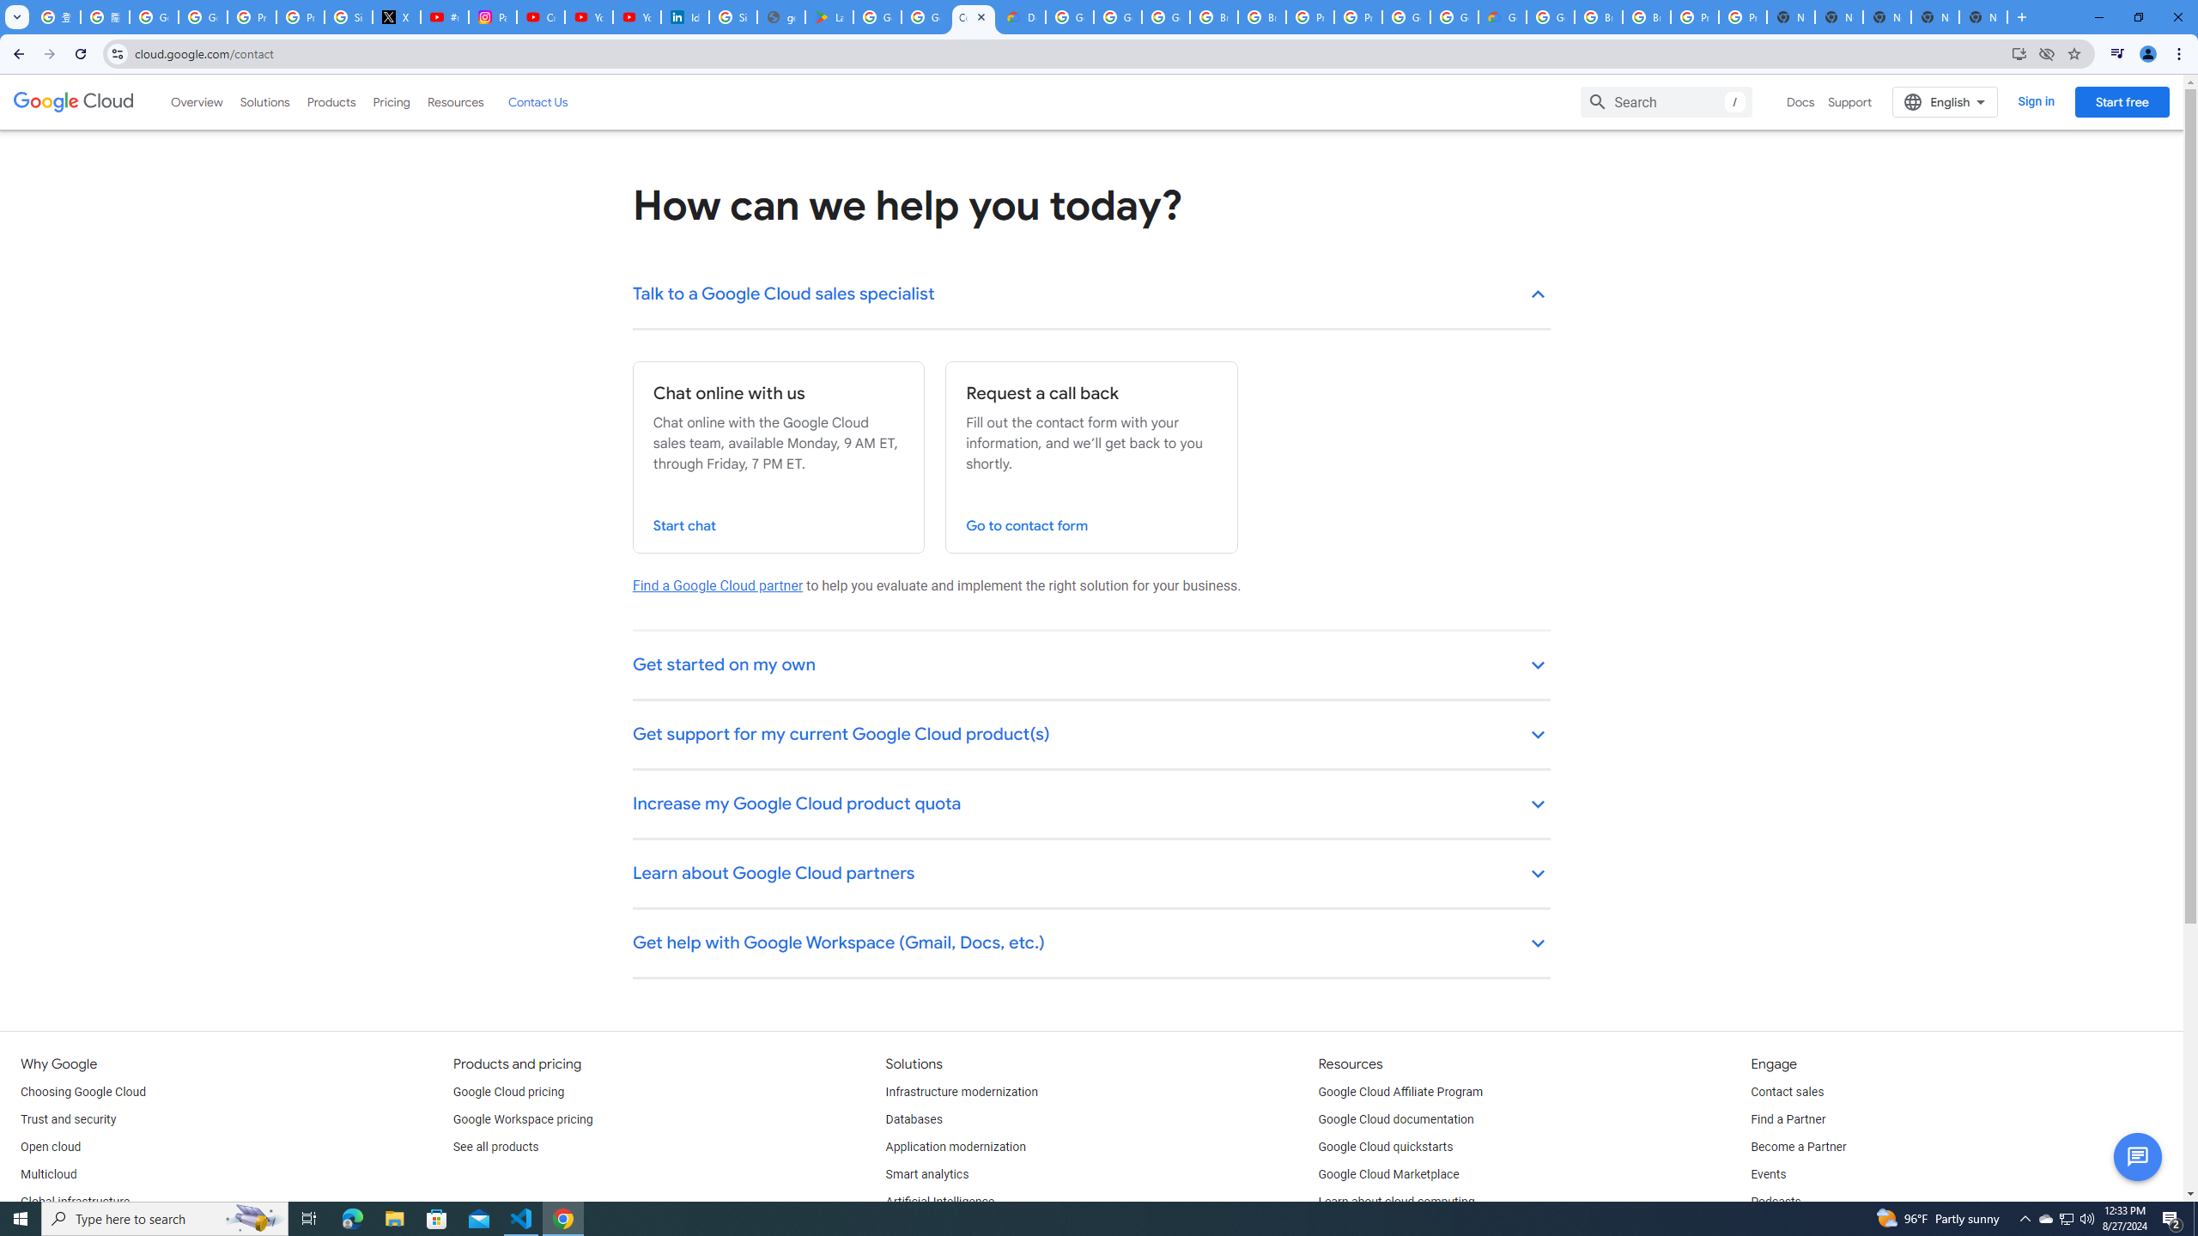 The image size is (2198, 1236). Describe the element at coordinates (1453, 16) in the screenshot. I see `'Google Cloud Platform'` at that location.